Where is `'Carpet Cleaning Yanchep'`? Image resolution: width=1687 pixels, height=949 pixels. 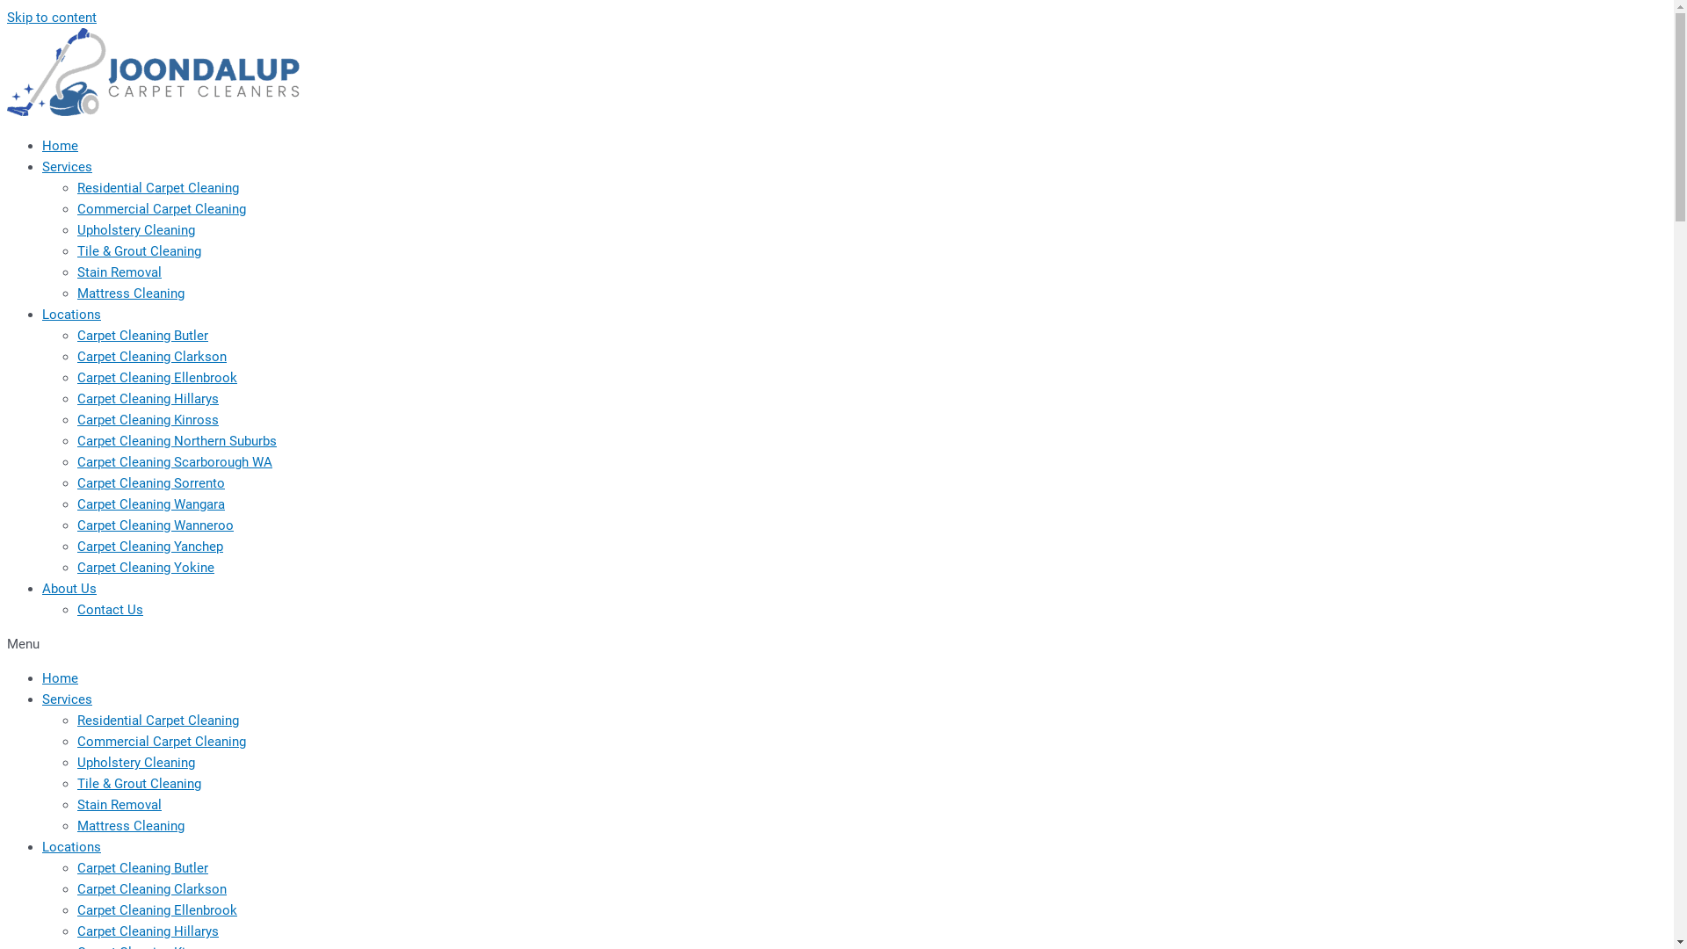
'Carpet Cleaning Yanchep' is located at coordinates (76, 545).